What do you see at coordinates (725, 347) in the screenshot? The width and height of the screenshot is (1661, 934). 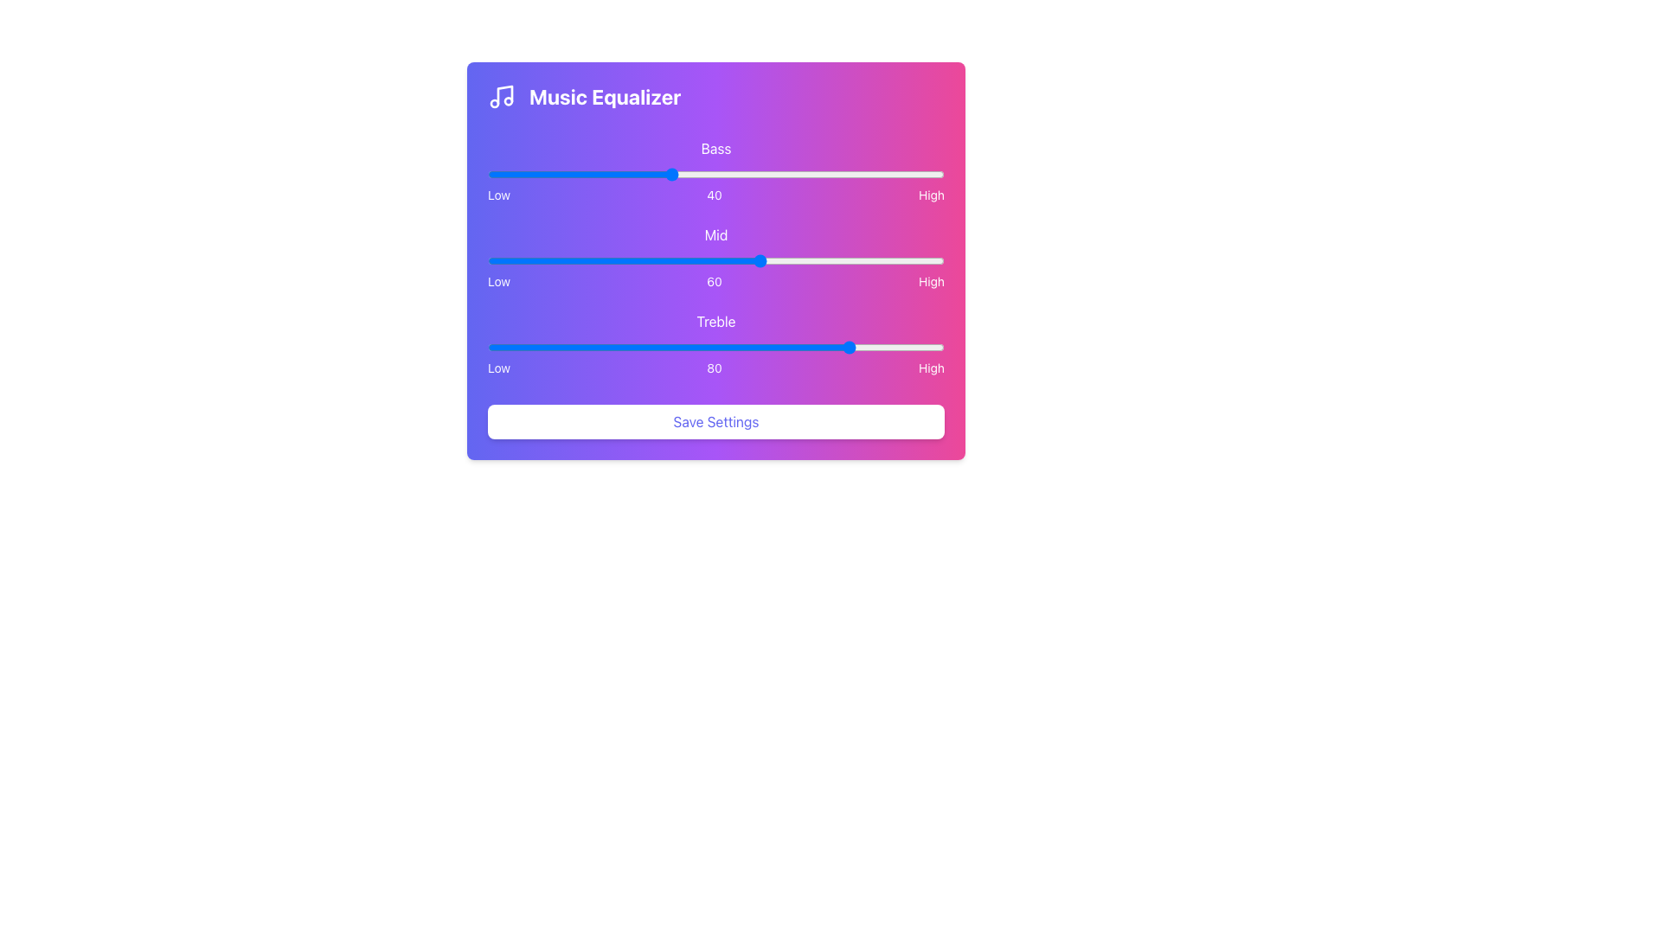 I see `the treble level` at bounding box center [725, 347].